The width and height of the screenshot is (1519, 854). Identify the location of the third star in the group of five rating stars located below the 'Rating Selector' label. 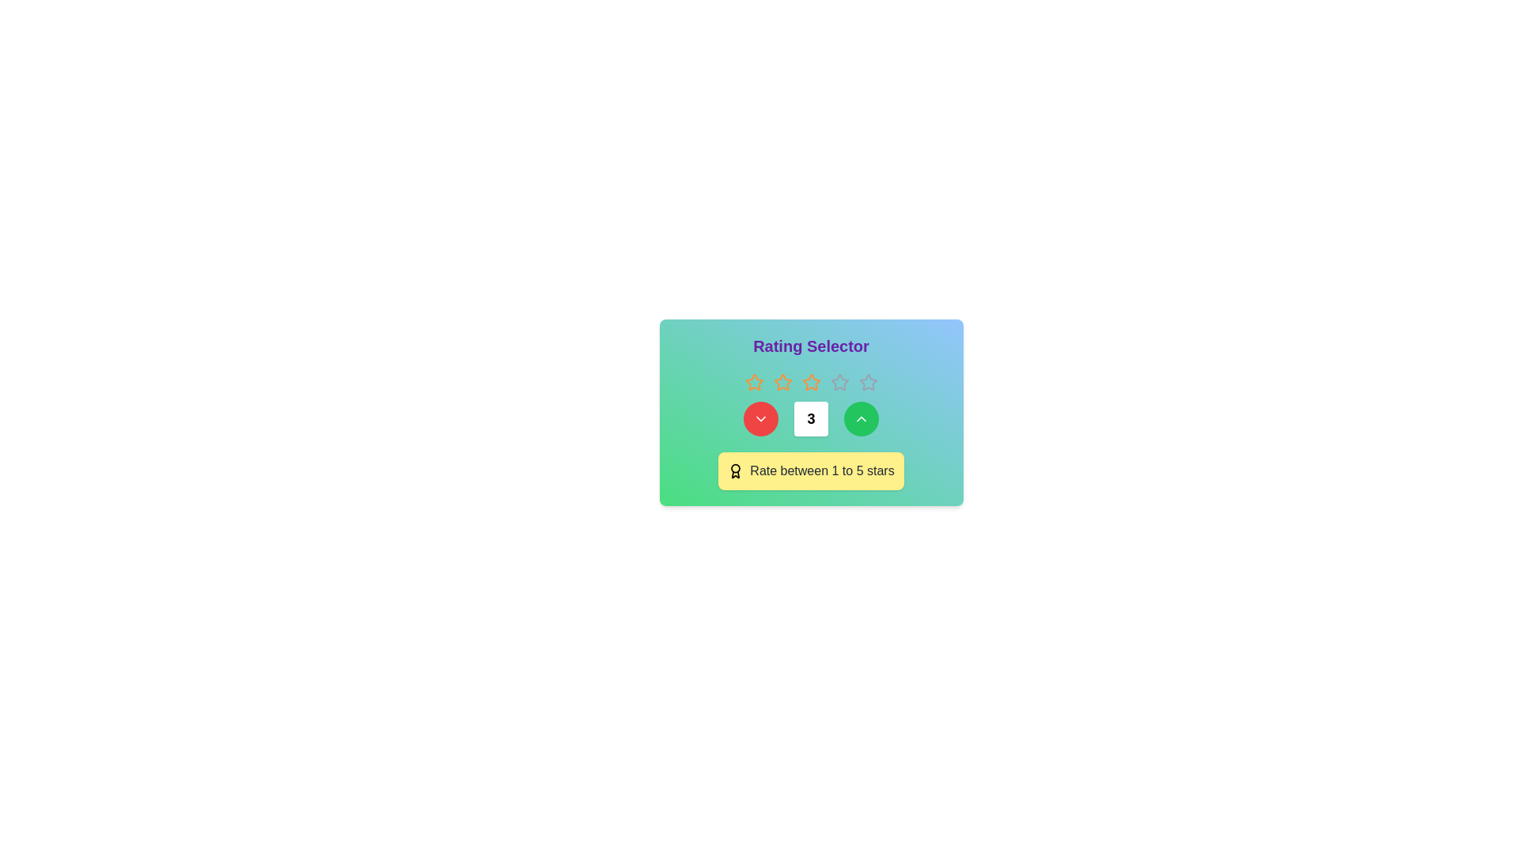
(811, 382).